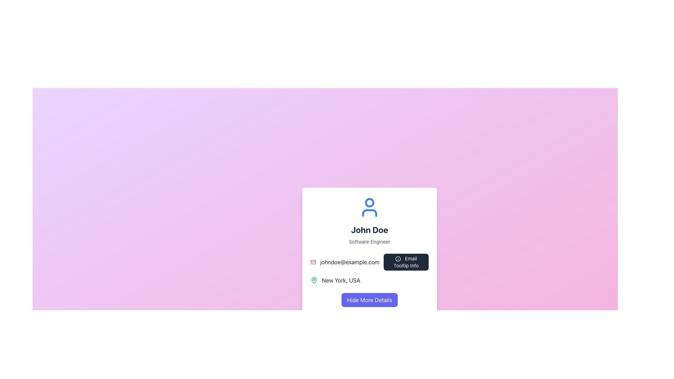 The height and width of the screenshot is (379, 674). Describe the element at coordinates (341, 280) in the screenshot. I see `the static text label displaying 'New York, USA' which is located to the right of a green location pin icon` at that location.